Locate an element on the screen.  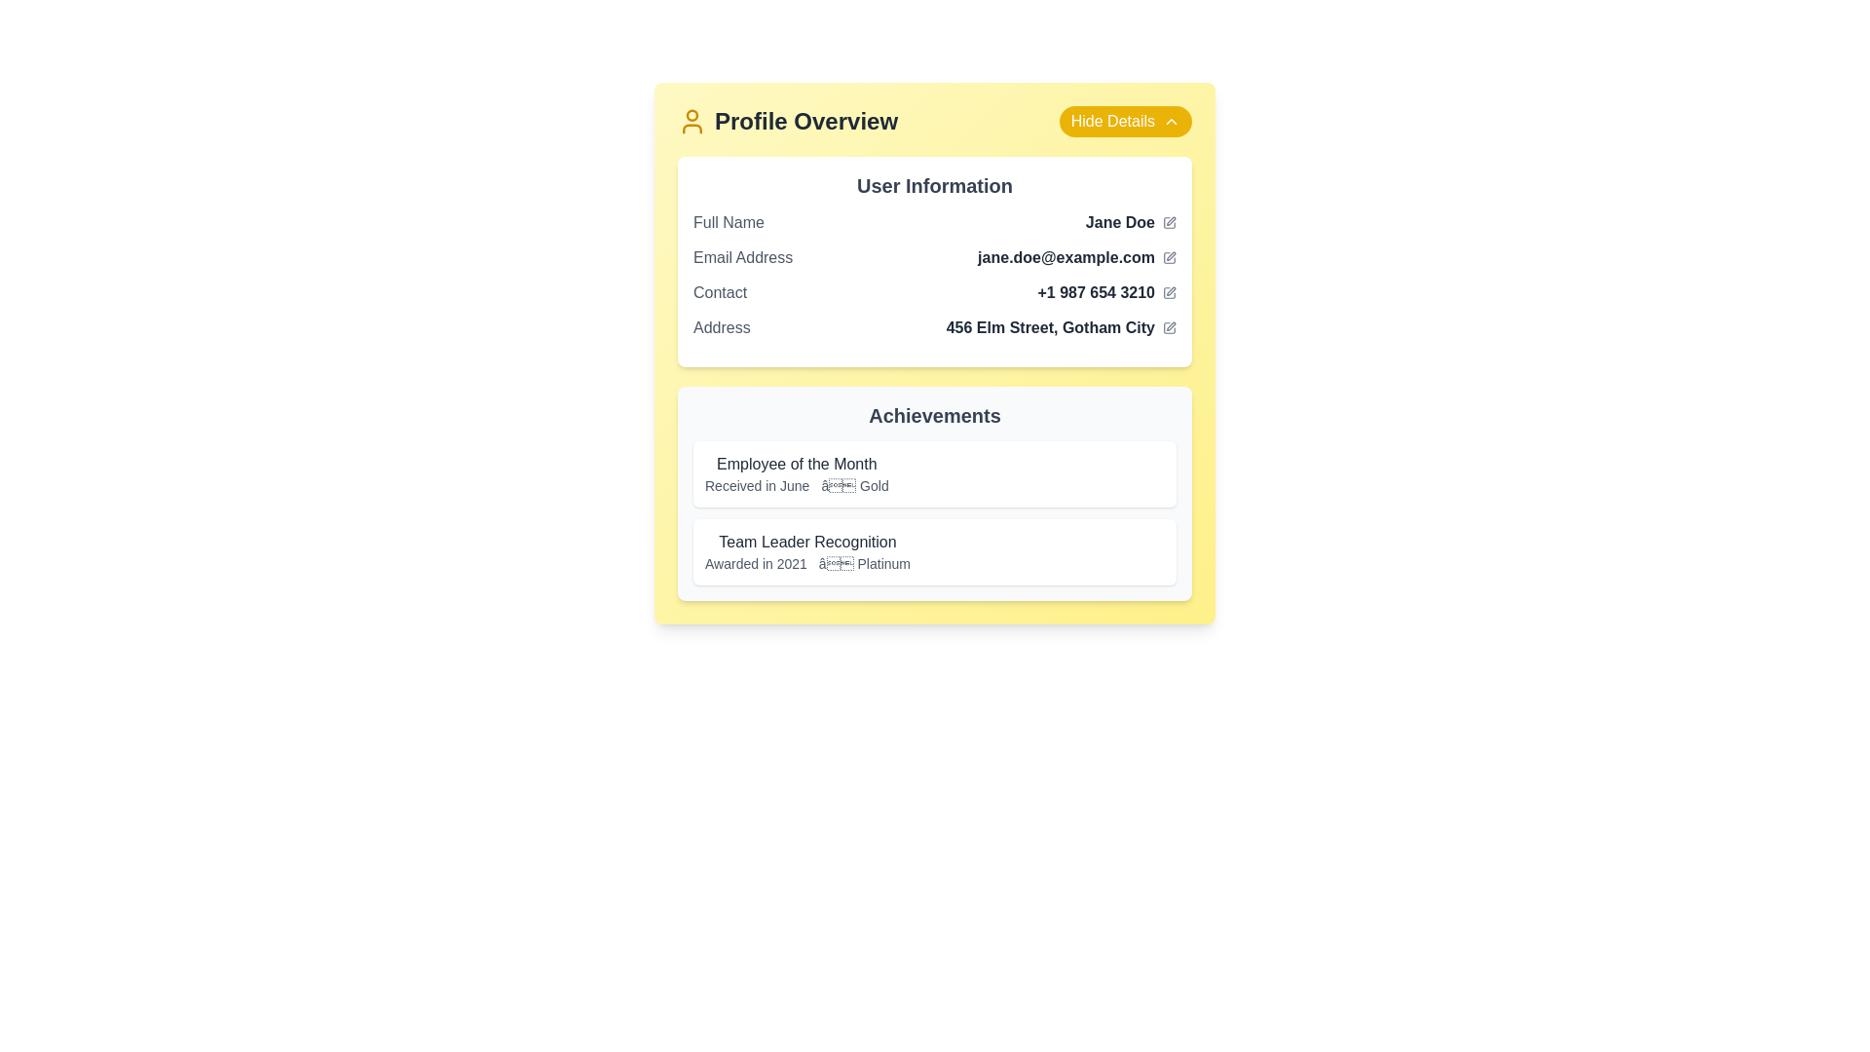
the 'Employee of the Month' text display in the Achievements section, which features two lines of text: 'Employee of the Month' in medium dark gray and 'Received in June ★ Gold' in smaller light gray is located at coordinates (797, 473).